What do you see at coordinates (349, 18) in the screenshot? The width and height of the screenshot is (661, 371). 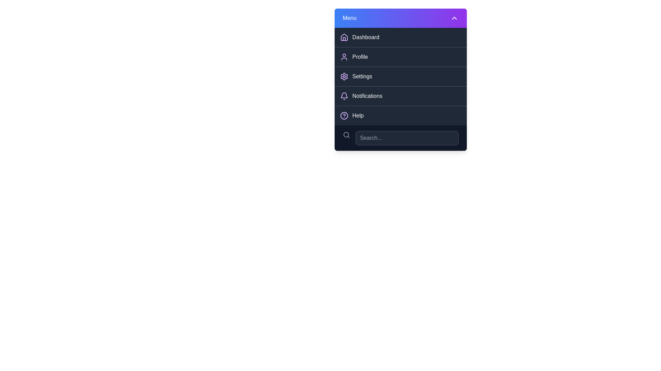 I see `the 'Menu' text label that is displayed in white font within a gradient button with a blue-to-purple background, located at the top-left corner of the button in a vertical menu layout` at bounding box center [349, 18].